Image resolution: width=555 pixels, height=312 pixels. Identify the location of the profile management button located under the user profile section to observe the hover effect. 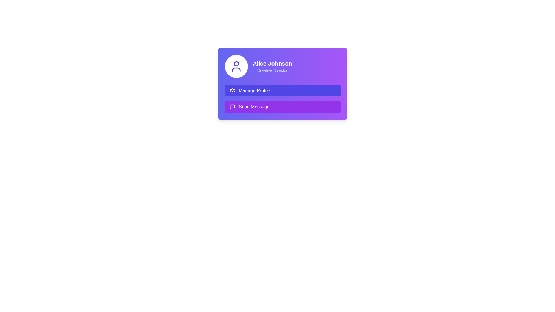
(283, 90).